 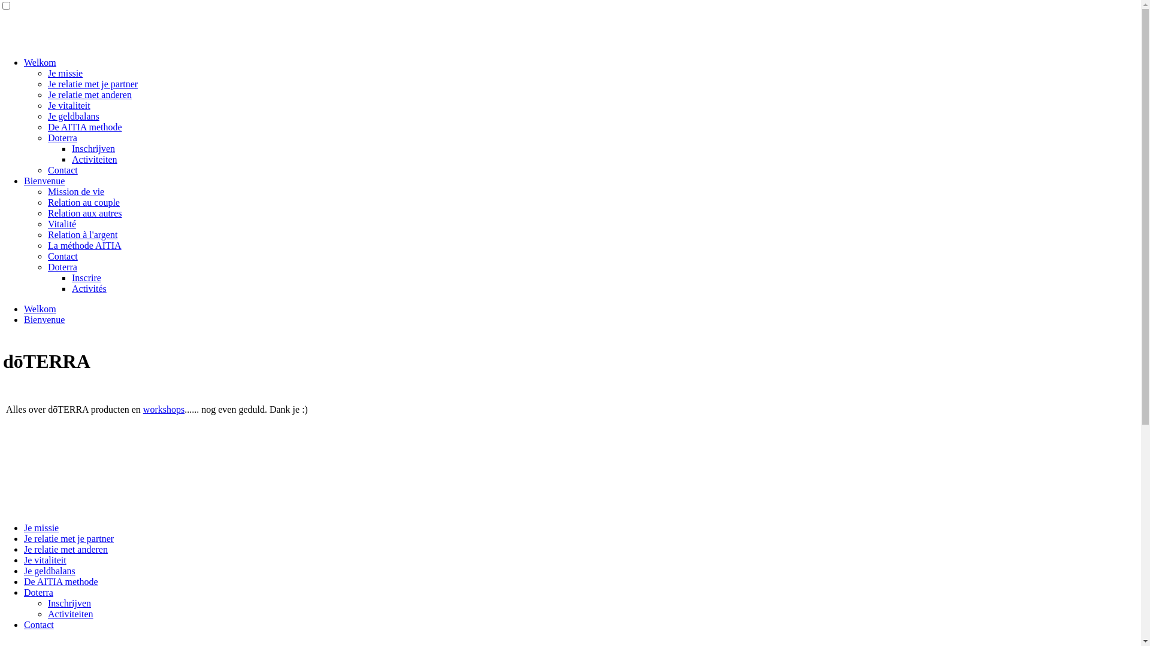 What do you see at coordinates (71, 278) in the screenshot?
I see `'Inscrire'` at bounding box center [71, 278].